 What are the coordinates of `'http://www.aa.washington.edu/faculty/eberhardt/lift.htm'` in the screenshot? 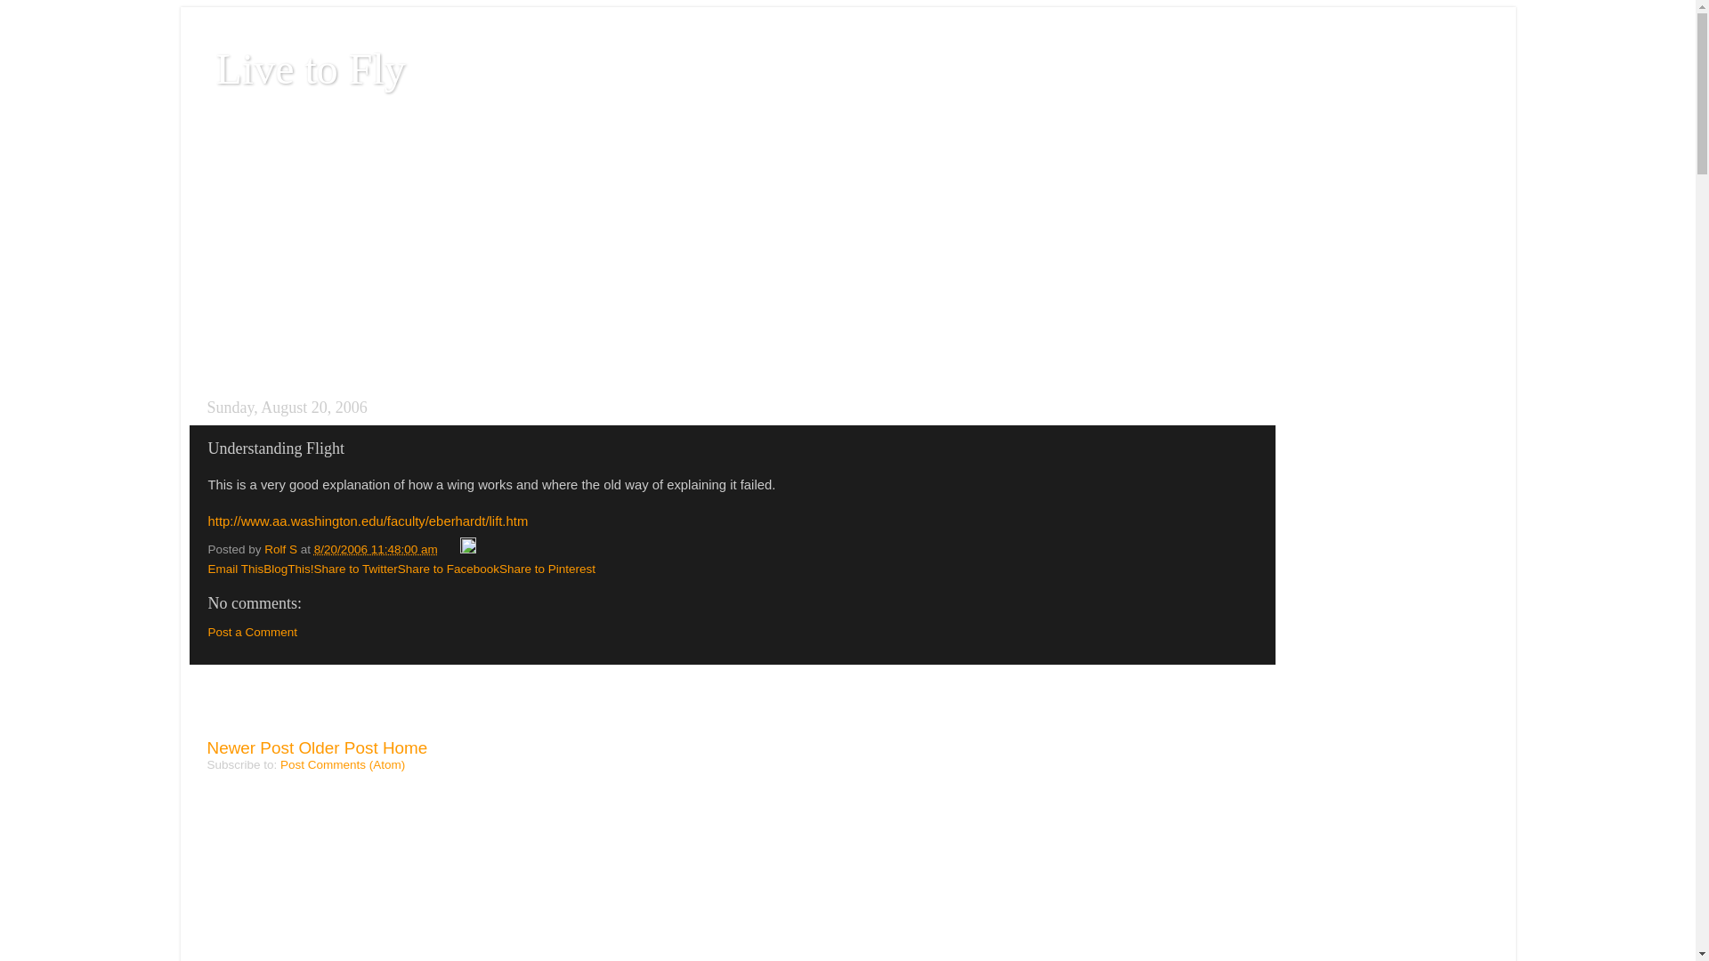 It's located at (208, 529).